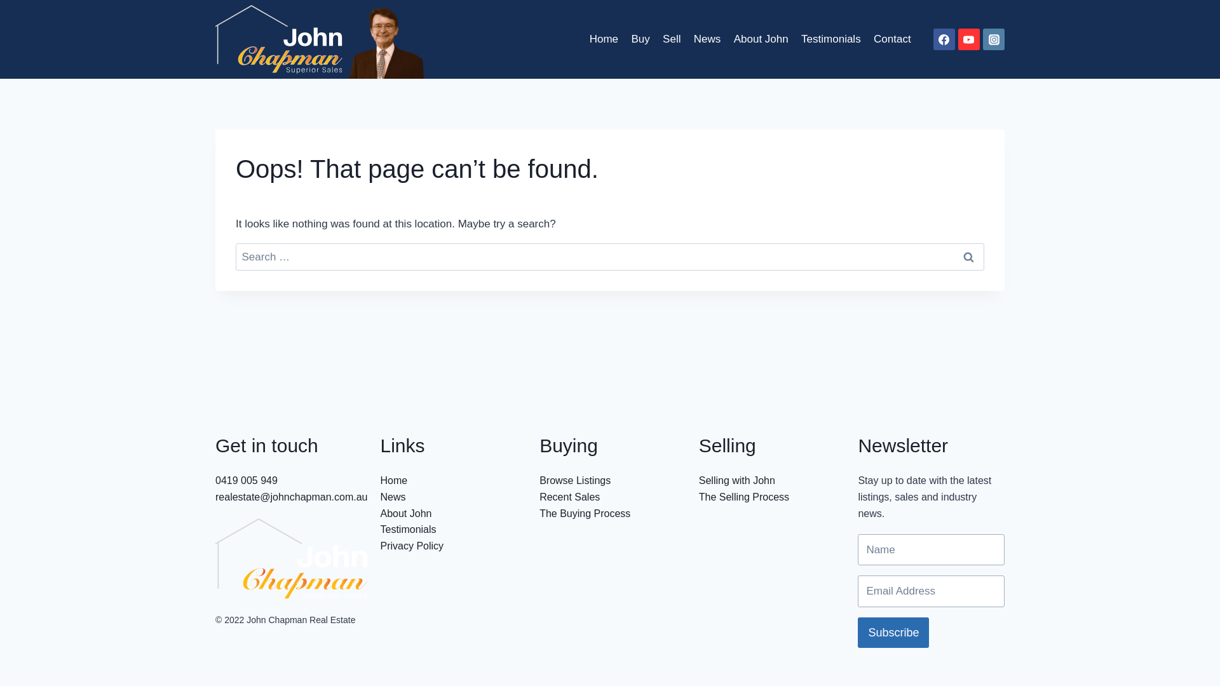  Describe the element at coordinates (574, 480) in the screenshot. I see `'Browse Listings'` at that location.